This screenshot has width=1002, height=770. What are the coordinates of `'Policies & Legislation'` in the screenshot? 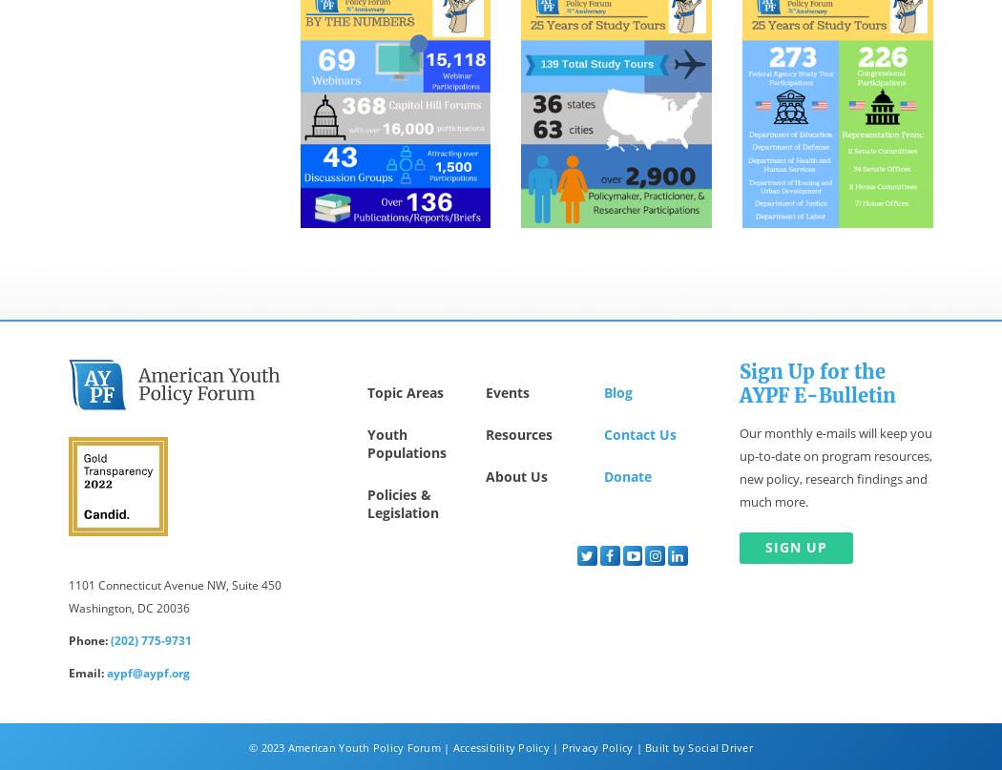 It's located at (401, 504).